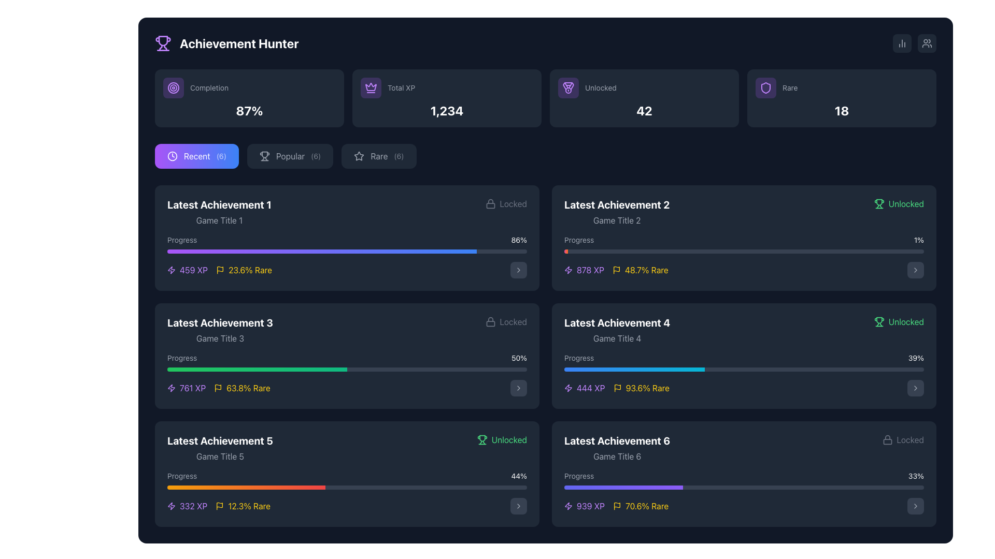 The width and height of the screenshot is (995, 559). What do you see at coordinates (519, 506) in the screenshot?
I see `the navigation button located at the far-right of the 'Latest Achievement 5' row` at bounding box center [519, 506].